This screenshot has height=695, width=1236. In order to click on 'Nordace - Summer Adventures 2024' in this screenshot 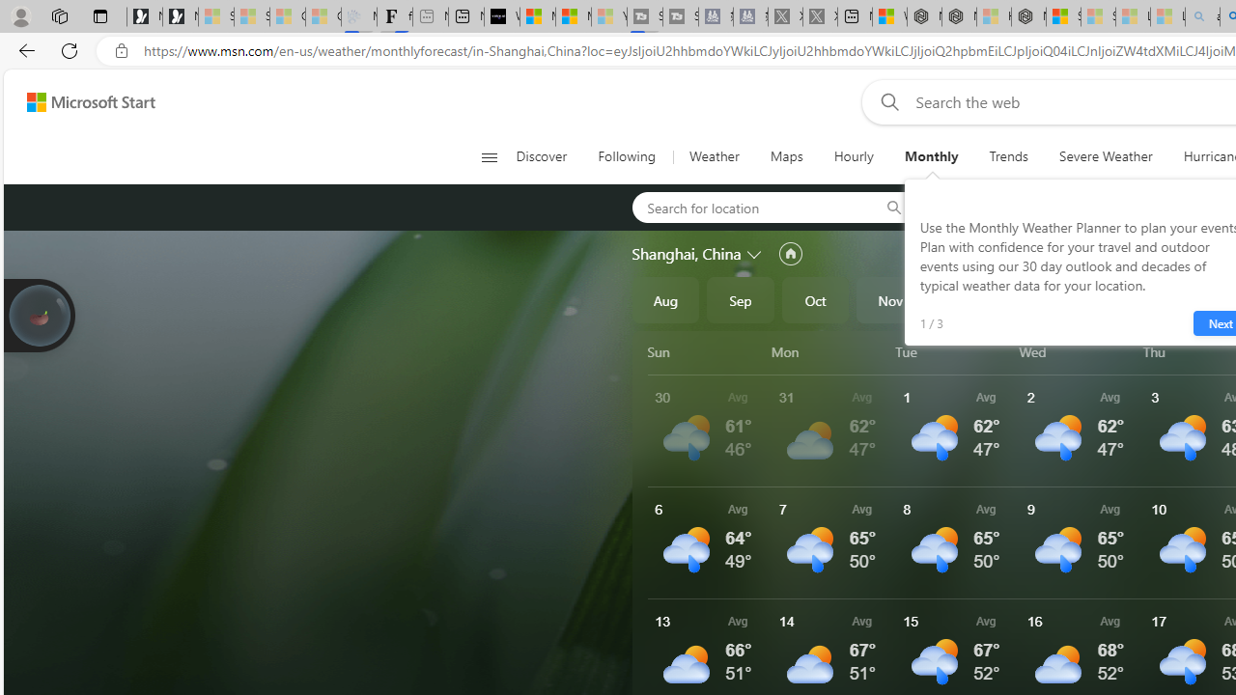, I will do `click(959, 16)`.